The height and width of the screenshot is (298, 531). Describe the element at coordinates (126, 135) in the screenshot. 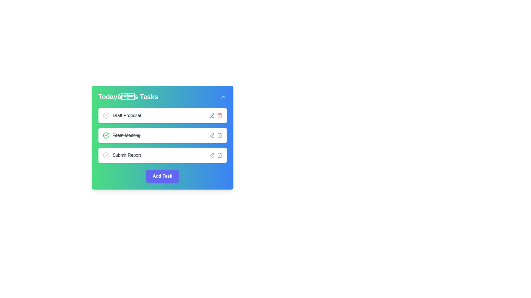

I see `the Text label indicating a completed task with line-through styling, located in the second row of a list, between 'Draft Proposal' and 'Submit Report'` at that location.